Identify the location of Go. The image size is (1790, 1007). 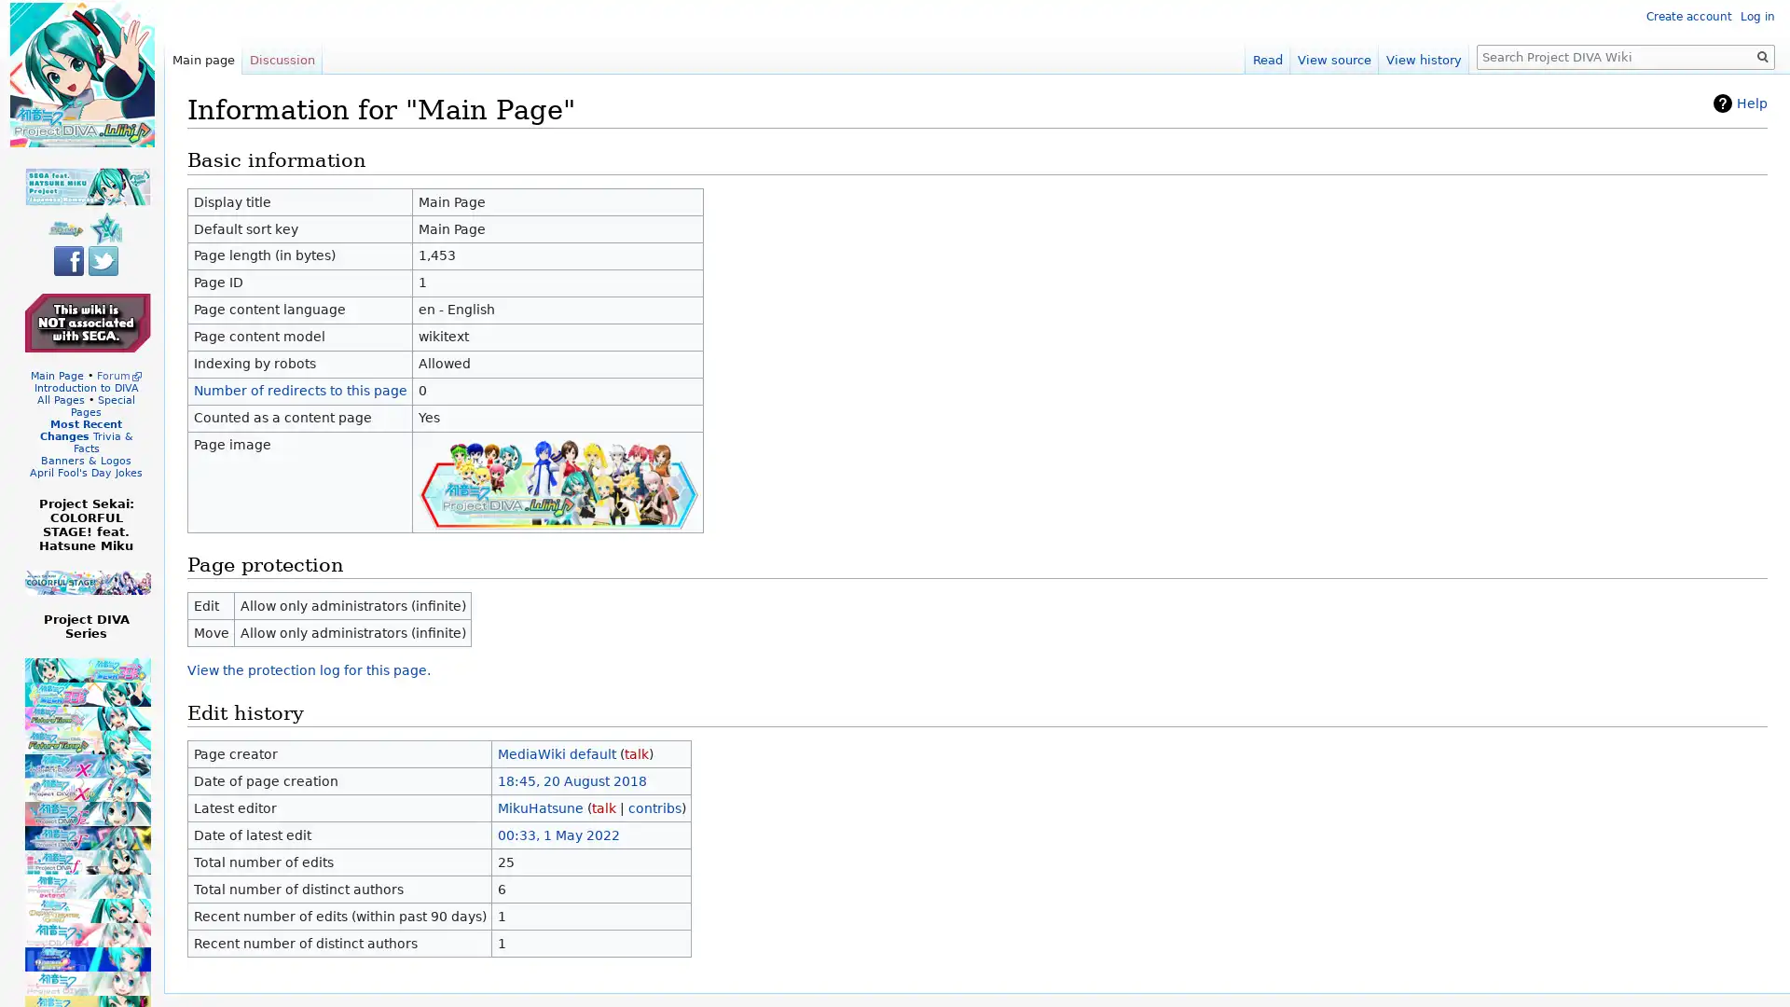
(1762, 56).